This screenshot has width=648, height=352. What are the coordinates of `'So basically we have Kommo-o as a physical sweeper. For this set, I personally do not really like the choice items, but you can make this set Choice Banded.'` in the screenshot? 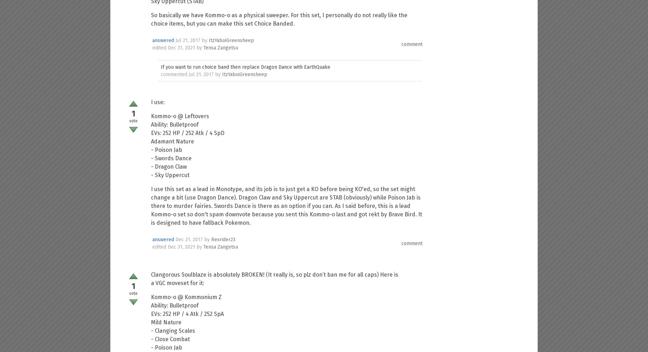 It's located at (151, 19).